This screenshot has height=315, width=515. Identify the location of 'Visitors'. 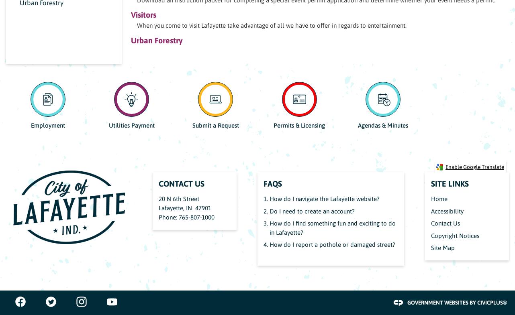
(143, 14).